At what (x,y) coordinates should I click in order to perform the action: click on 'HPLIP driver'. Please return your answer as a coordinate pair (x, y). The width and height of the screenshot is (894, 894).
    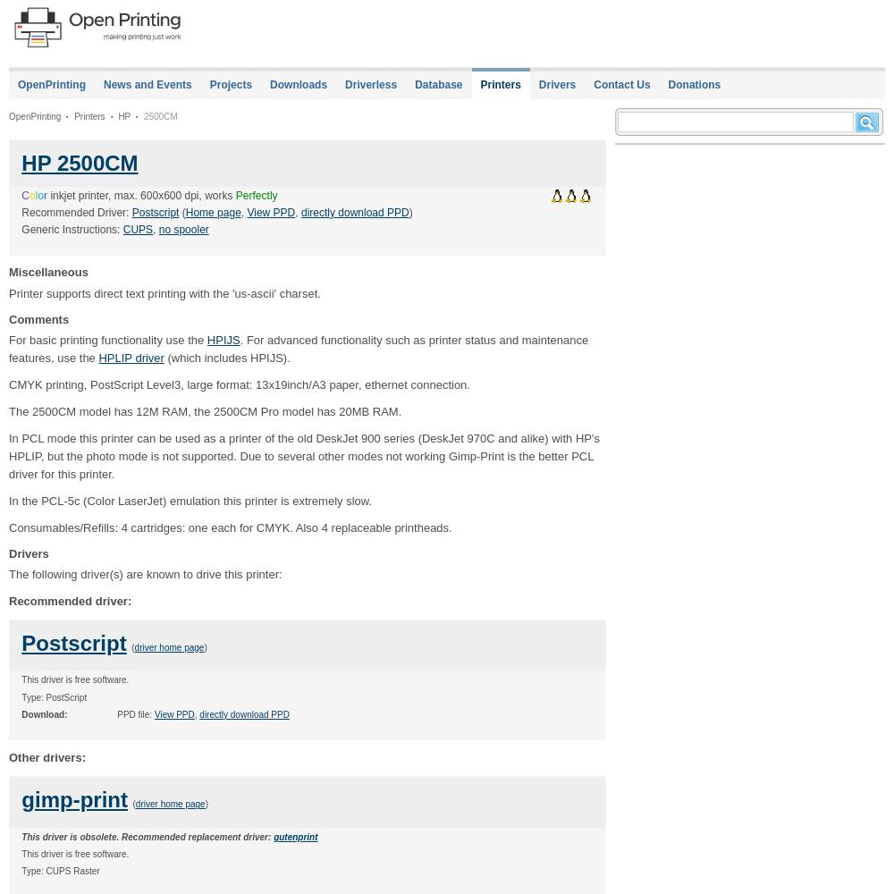
    Looking at the image, I should click on (131, 357).